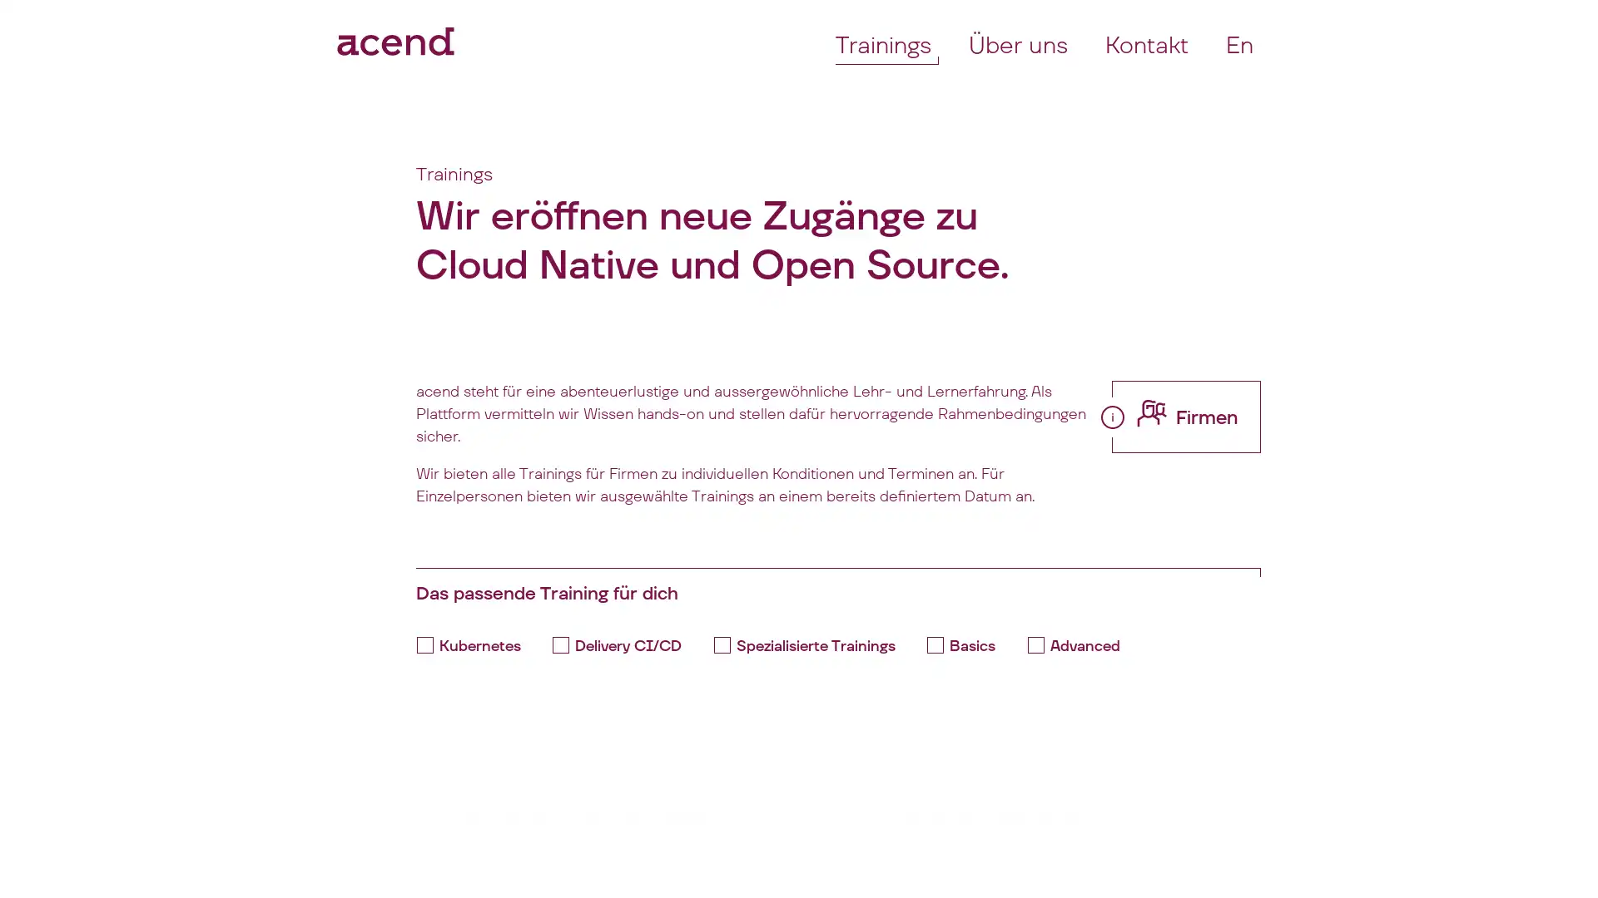  What do you see at coordinates (966, 644) in the screenshot?
I see `Basics` at bounding box center [966, 644].